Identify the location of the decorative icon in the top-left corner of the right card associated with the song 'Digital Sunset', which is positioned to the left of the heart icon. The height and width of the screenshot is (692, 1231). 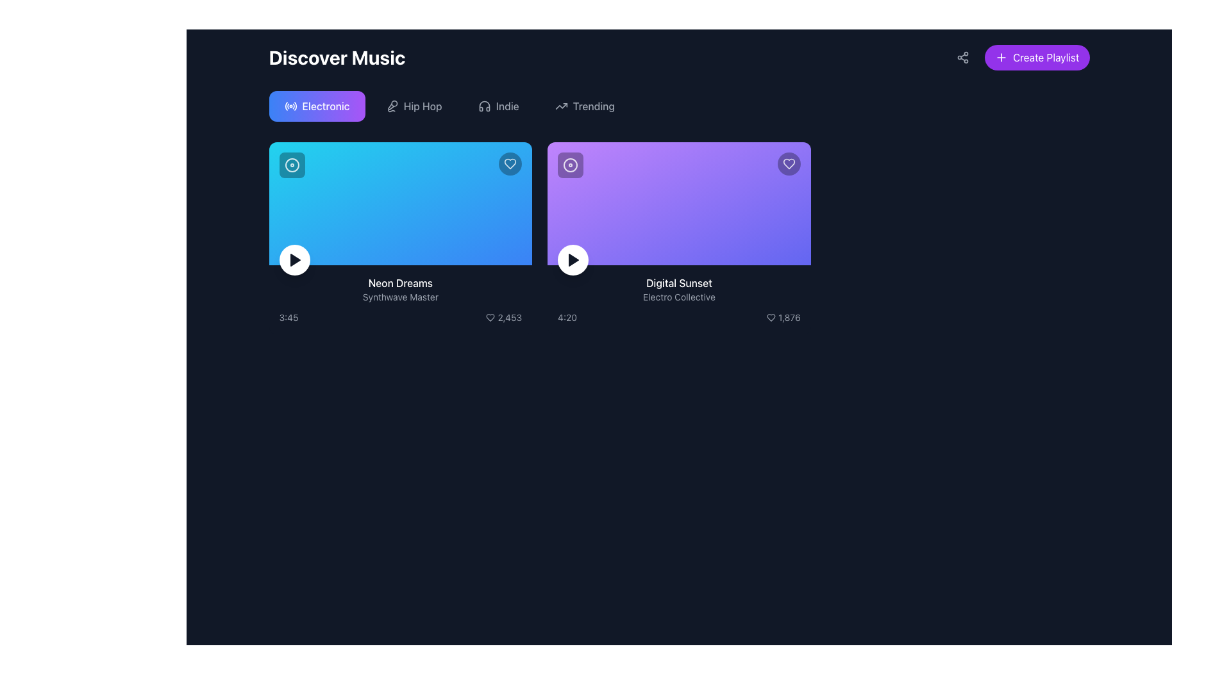
(570, 165).